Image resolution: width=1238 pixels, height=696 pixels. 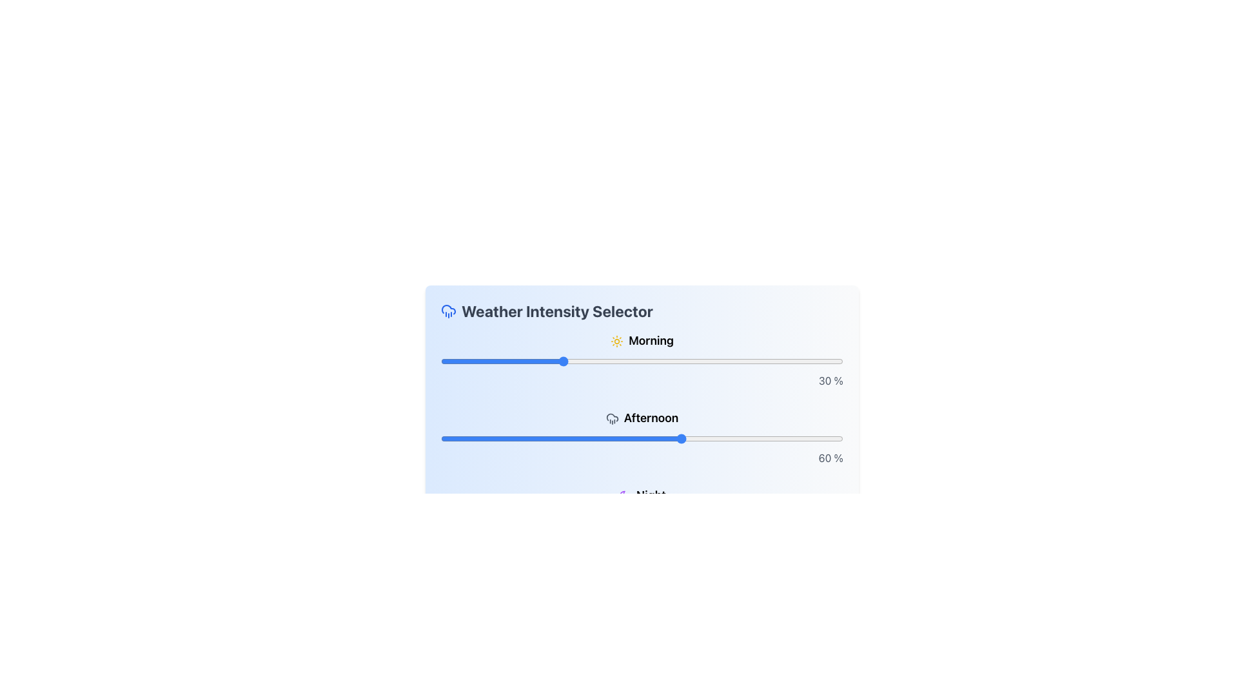 What do you see at coordinates (642, 535) in the screenshot?
I see `the text label displaying '20 %' that is styled in gray and located within the 'Night' section, positioned below the intensity slider` at bounding box center [642, 535].